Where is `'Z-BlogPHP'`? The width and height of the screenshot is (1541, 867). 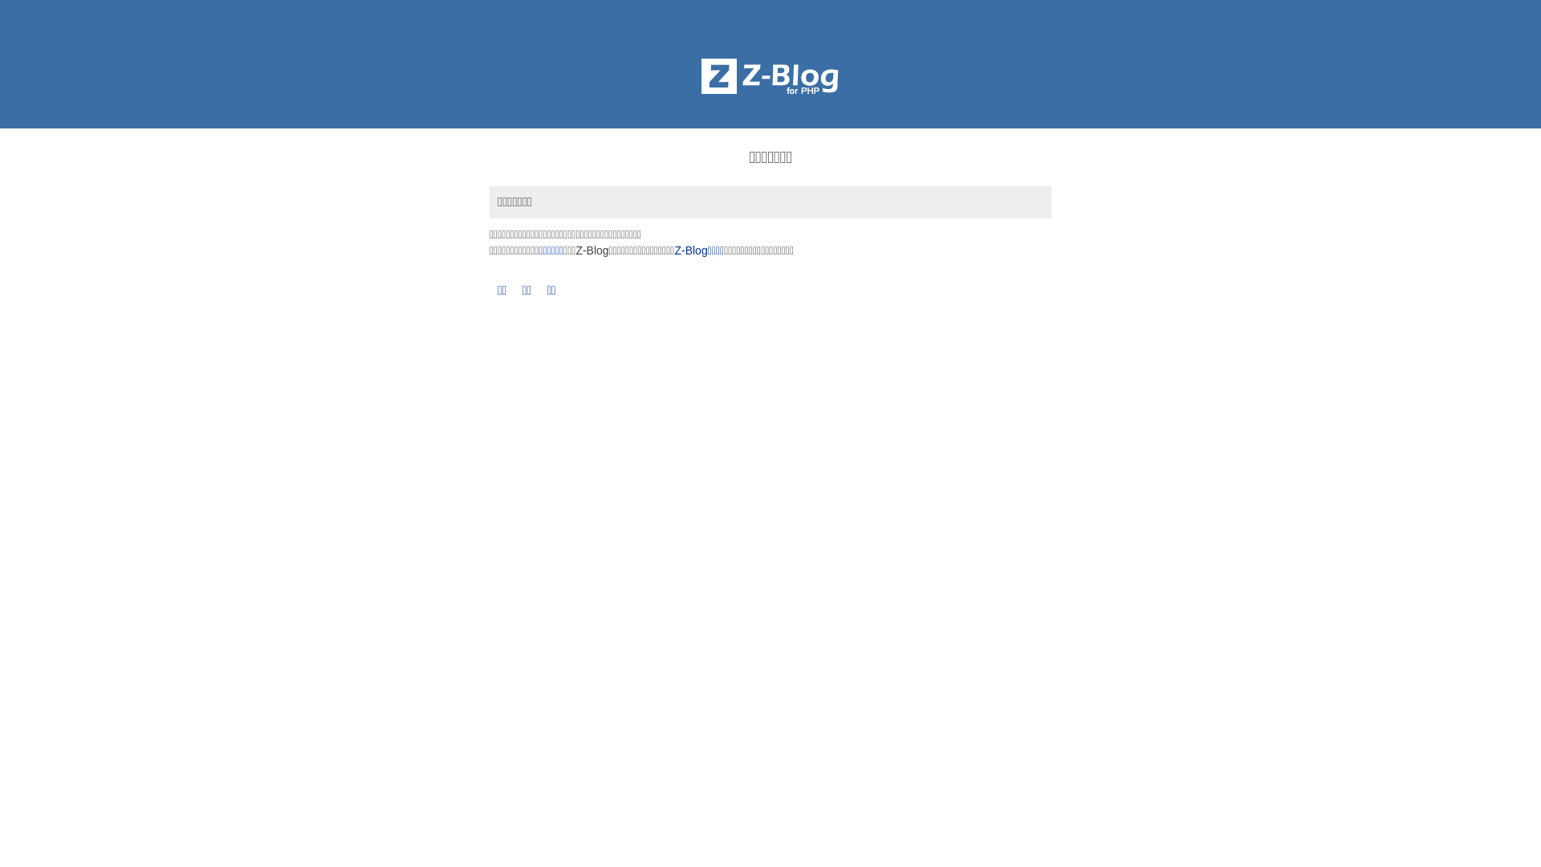
'Z-BlogPHP' is located at coordinates (770, 76).